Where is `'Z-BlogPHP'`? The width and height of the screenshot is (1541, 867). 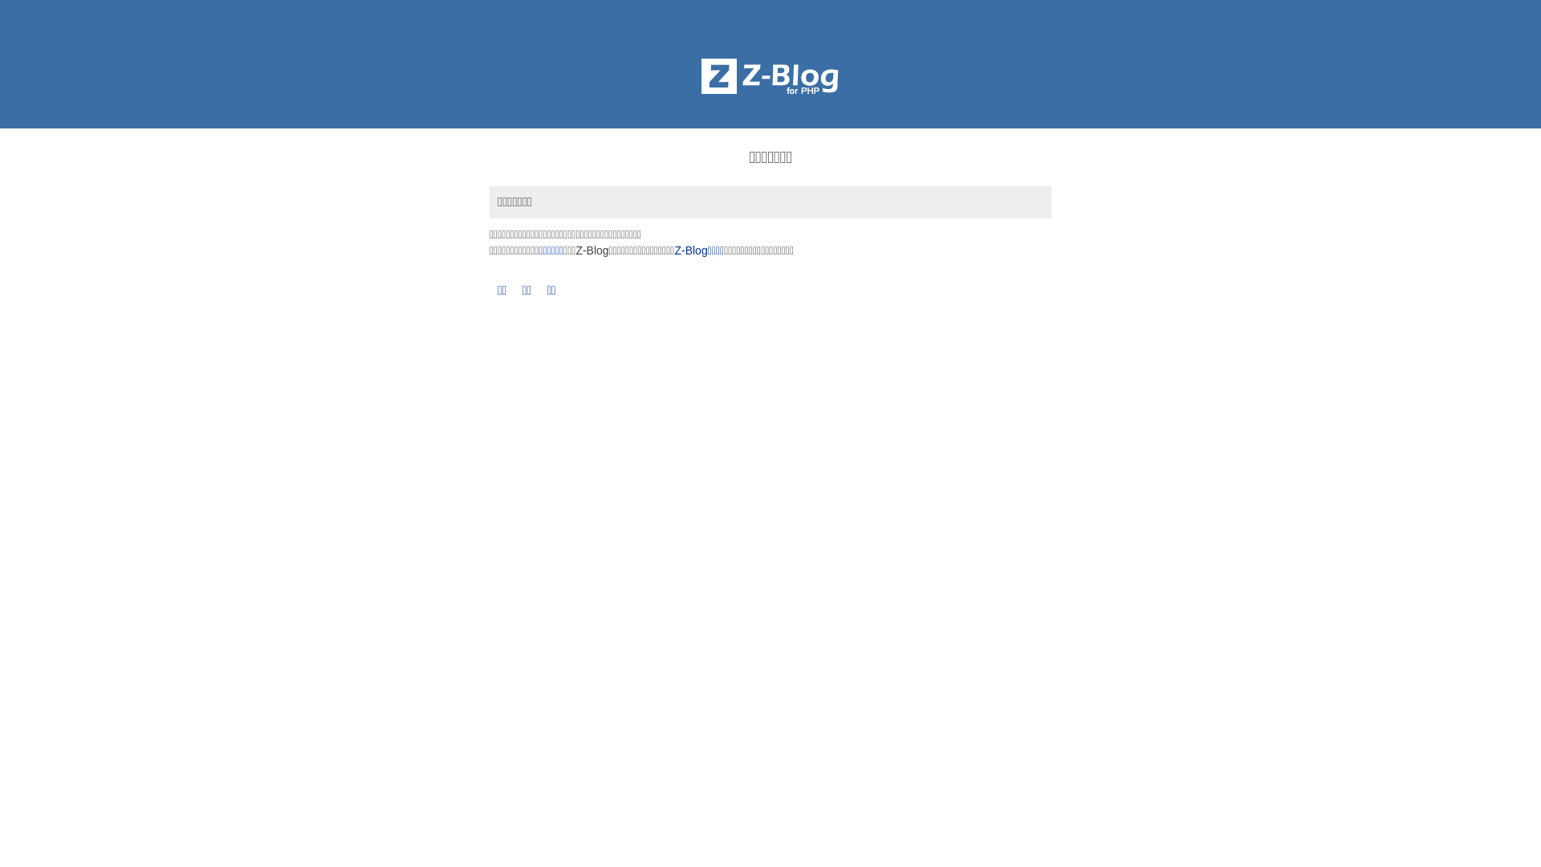
'Z-BlogPHP' is located at coordinates (770, 76).